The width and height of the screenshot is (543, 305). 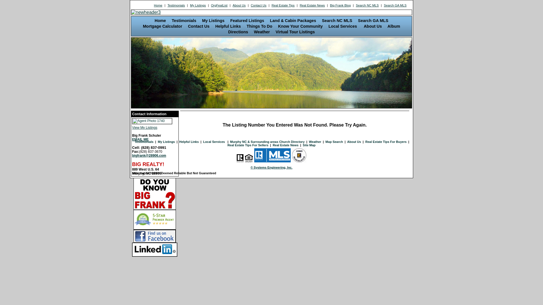 I want to click on 'Directions', so click(x=228, y=32).